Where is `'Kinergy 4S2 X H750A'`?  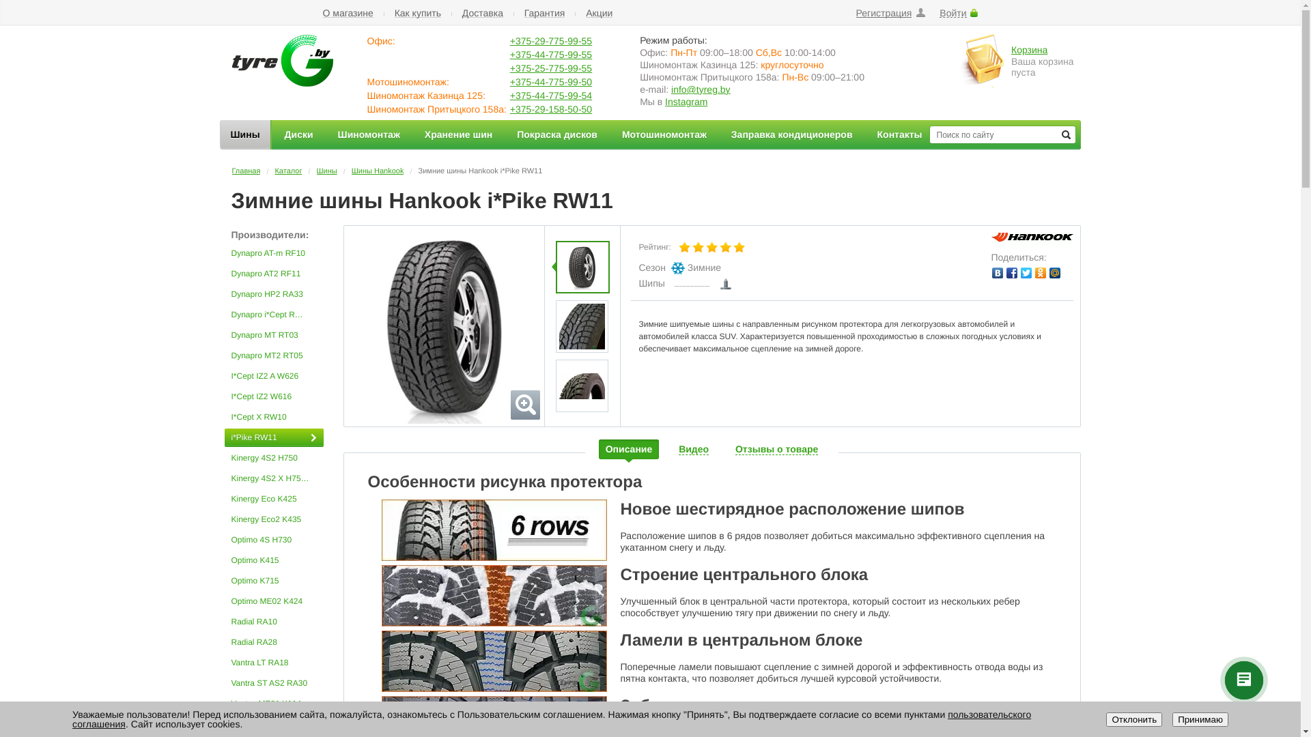 'Kinergy 4S2 X H750A' is located at coordinates (273, 478).